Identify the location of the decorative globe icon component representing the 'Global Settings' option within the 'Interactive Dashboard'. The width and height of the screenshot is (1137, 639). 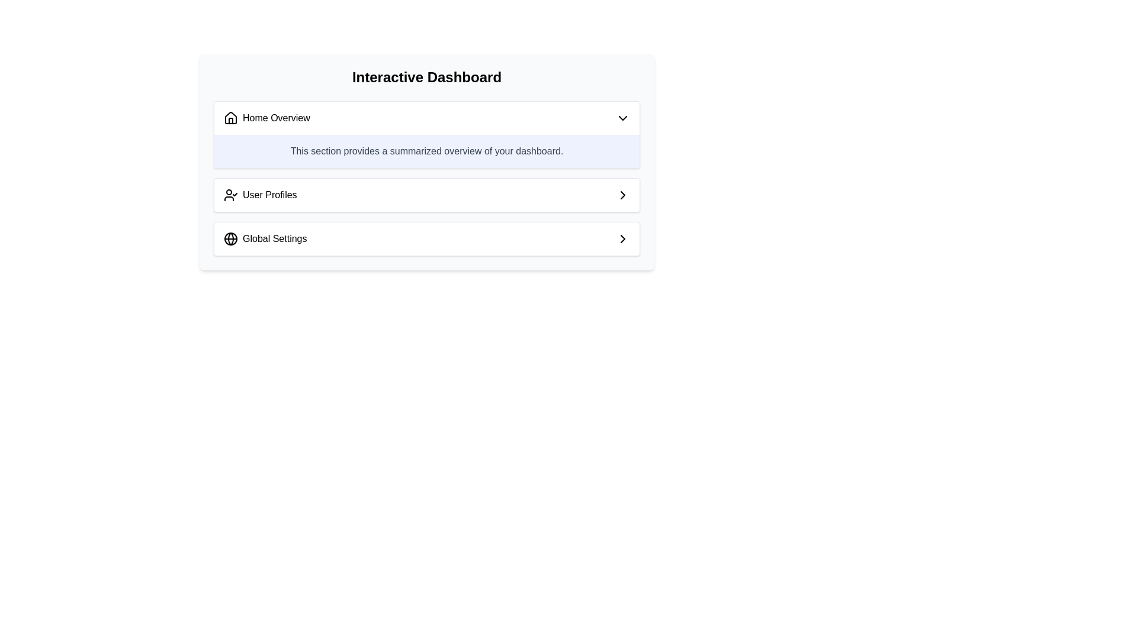
(230, 239).